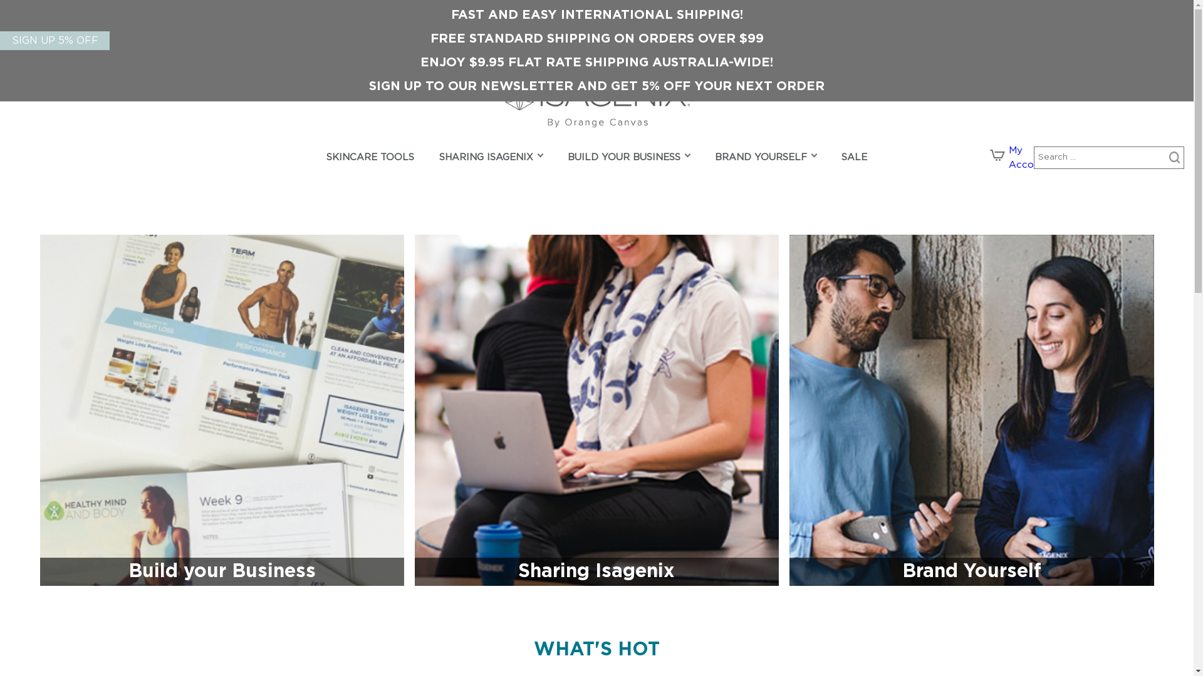 The width and height of the screenshot is (1203, 676). I want to click on 'Sharing Isagenix', so click(596, 410).